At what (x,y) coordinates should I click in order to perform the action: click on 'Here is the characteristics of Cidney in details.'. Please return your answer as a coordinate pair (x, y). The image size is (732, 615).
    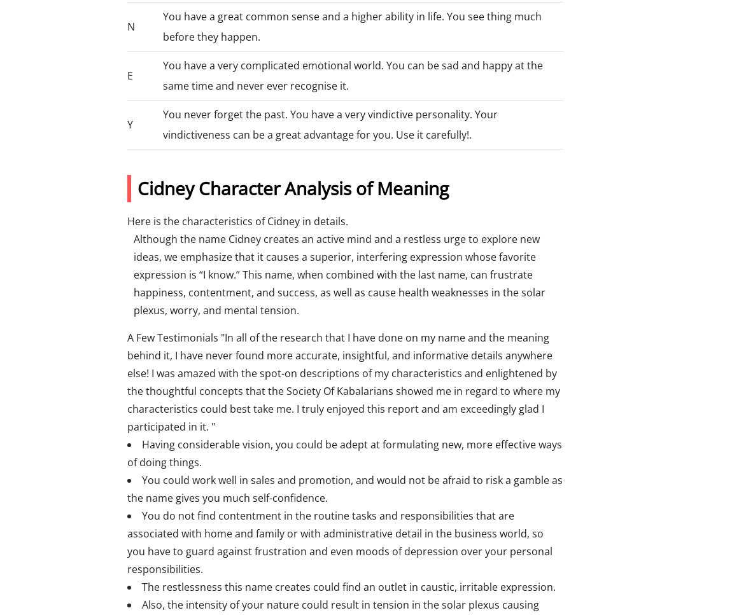
    Looking at the image, I should click on (237, 221).